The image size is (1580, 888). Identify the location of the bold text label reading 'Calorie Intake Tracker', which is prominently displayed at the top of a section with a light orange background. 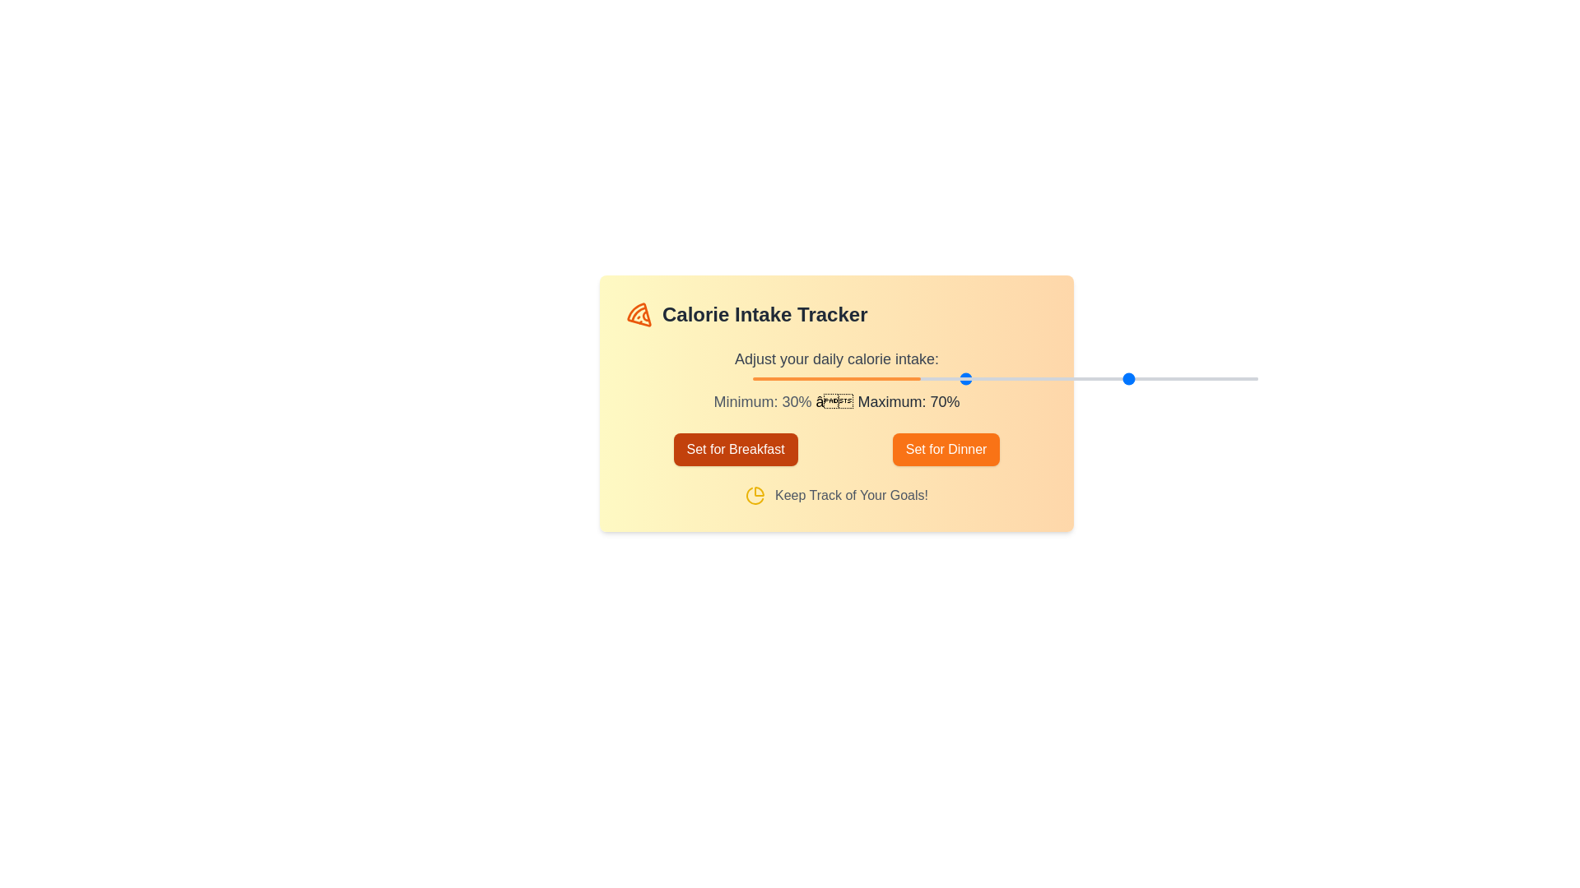
(764, 314).